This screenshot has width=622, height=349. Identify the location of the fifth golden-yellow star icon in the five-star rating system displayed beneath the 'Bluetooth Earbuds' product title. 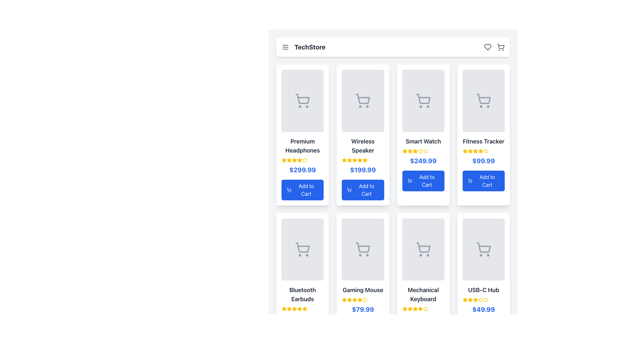
(299, 309).